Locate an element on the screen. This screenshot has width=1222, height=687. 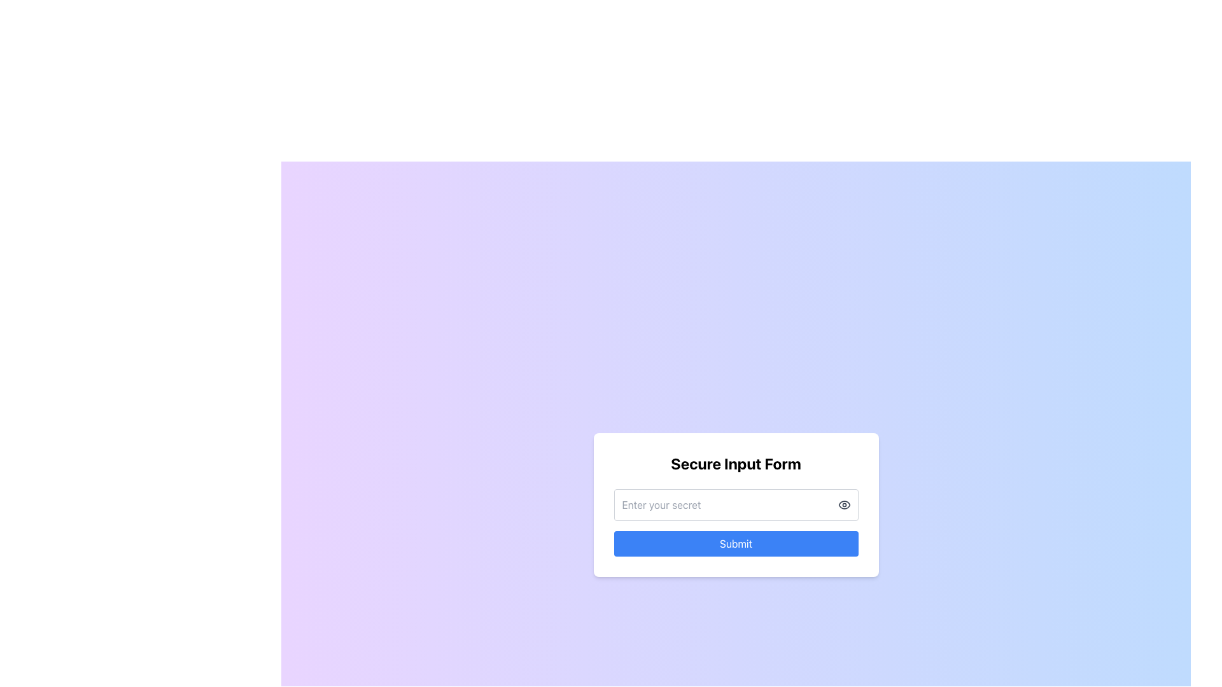
inside the Password Input box located centrally within the 'Secure Input Form' to focus on it is located at coordinates (736, 504).